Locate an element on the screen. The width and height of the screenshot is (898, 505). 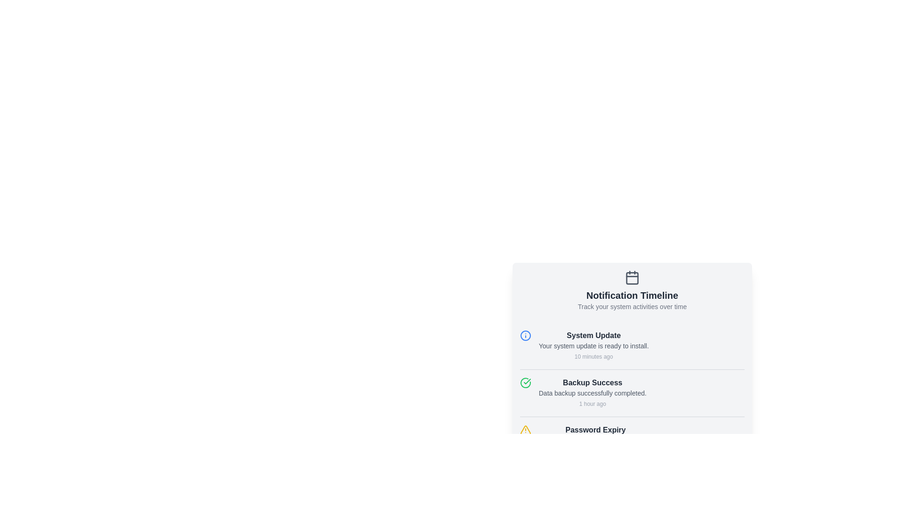
information displayed in the Notification group titled 'Password Expiry', which includes the description 'Your current password will expire soon.' and the timestamp 'Yesterday' is located at coordinates (595, 440).